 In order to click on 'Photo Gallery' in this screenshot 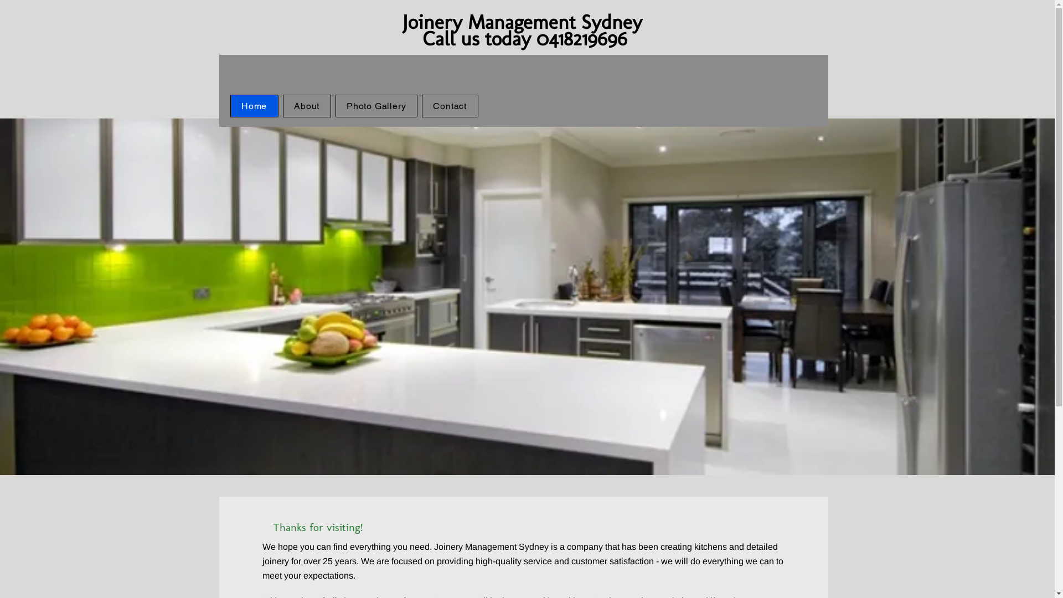, I will do `click(376, 106)`.